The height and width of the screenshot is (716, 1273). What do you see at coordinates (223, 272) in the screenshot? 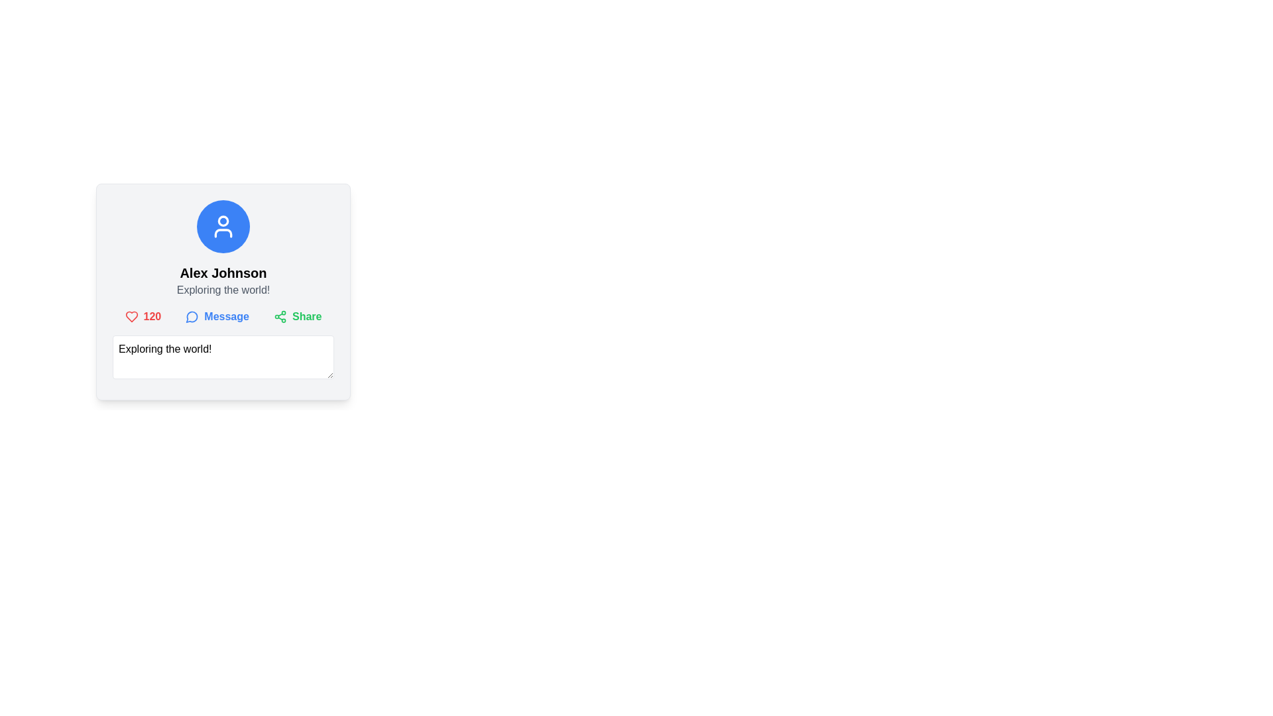
I see `the username text element located below the avatar icon` at bounding box center [223, 272].